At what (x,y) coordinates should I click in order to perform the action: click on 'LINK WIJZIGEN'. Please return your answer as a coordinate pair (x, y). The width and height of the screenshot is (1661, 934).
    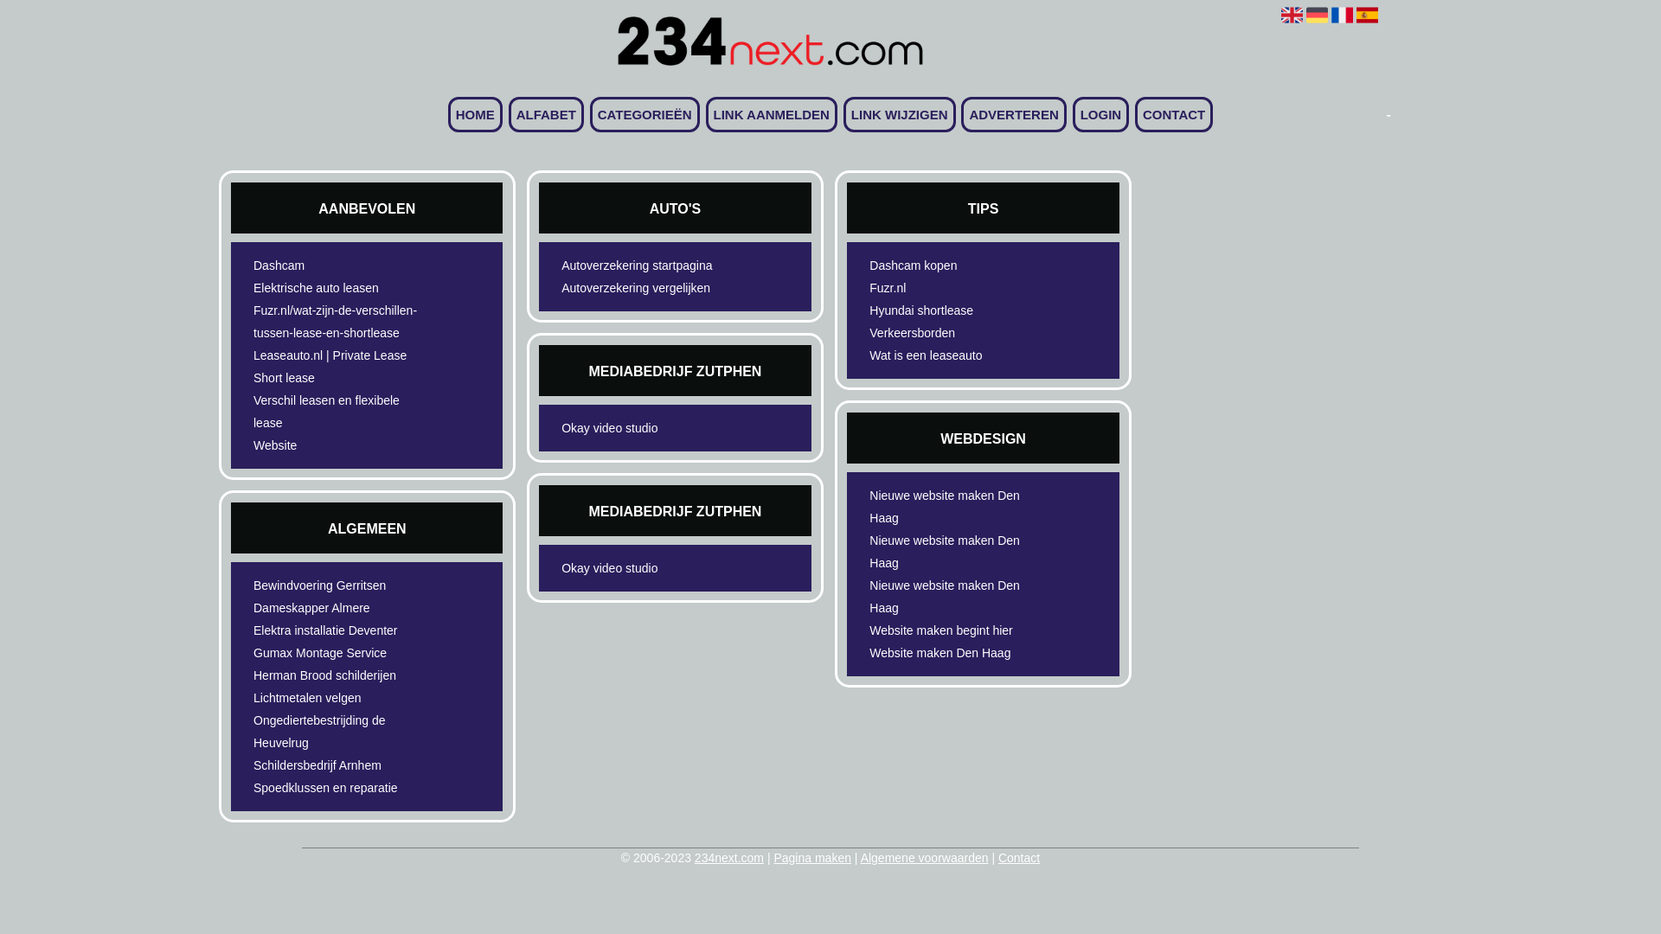
    Looking at the image, I should click on (900, 114).